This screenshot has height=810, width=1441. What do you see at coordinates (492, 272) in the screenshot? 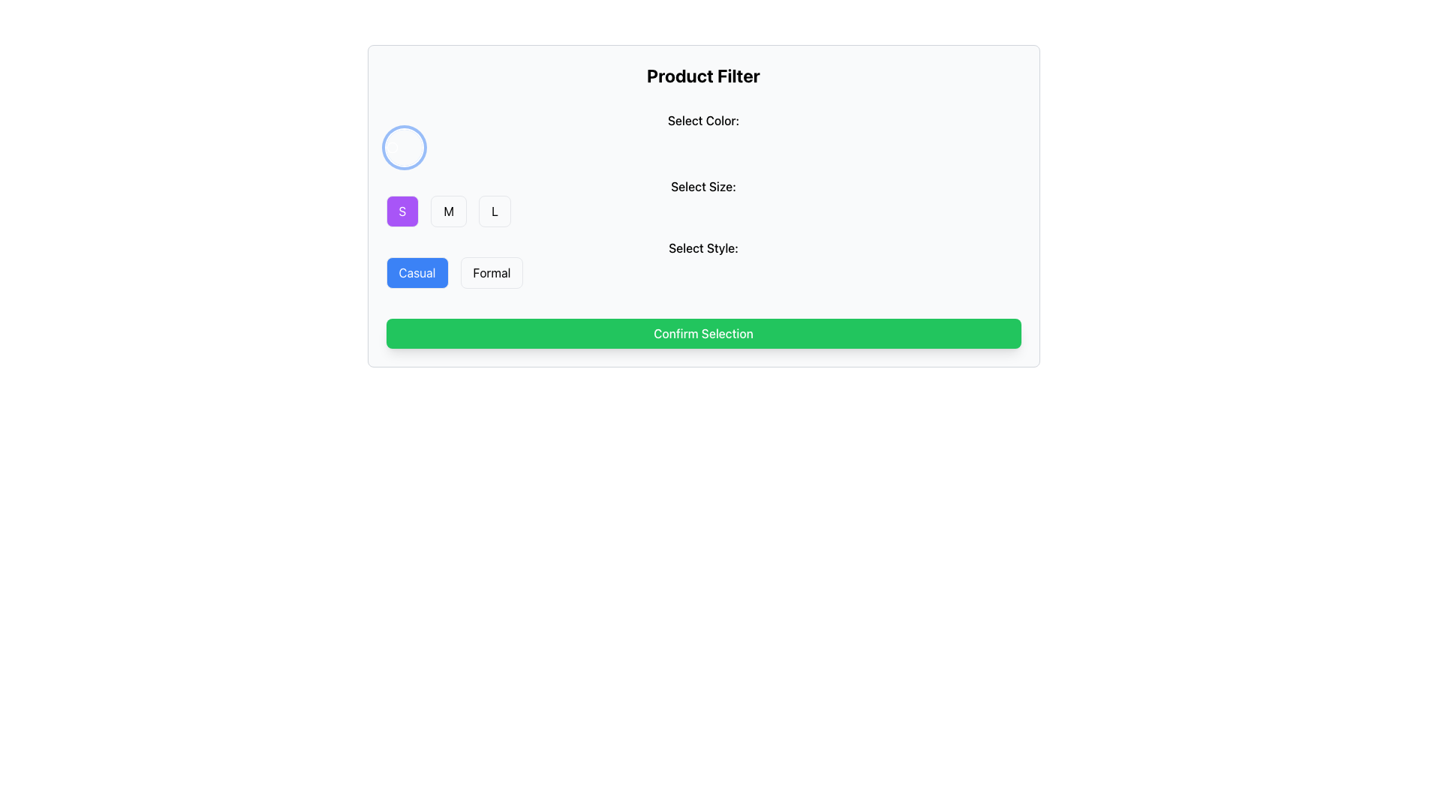
I see `the 'Formal' button, which is a rectangular button with the text 'Formal' centered within it, located to the right of the 'Casual' button in the 'Select Style' section` at bounding box center [492, 272].